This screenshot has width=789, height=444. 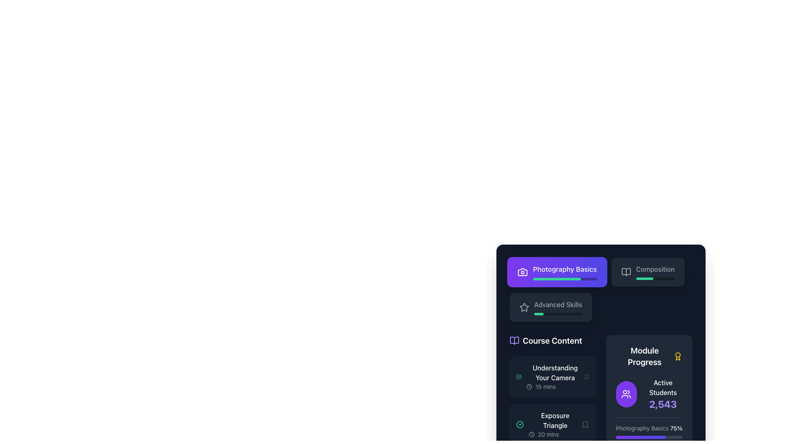 What do you see at coordinates (529, 387) in the screenshot?
I see `the decorative clock icon's SVG circle element located to the left of 'Understanding Your Camera' in the 'Course Content' section` at bounding box center [529, 387].